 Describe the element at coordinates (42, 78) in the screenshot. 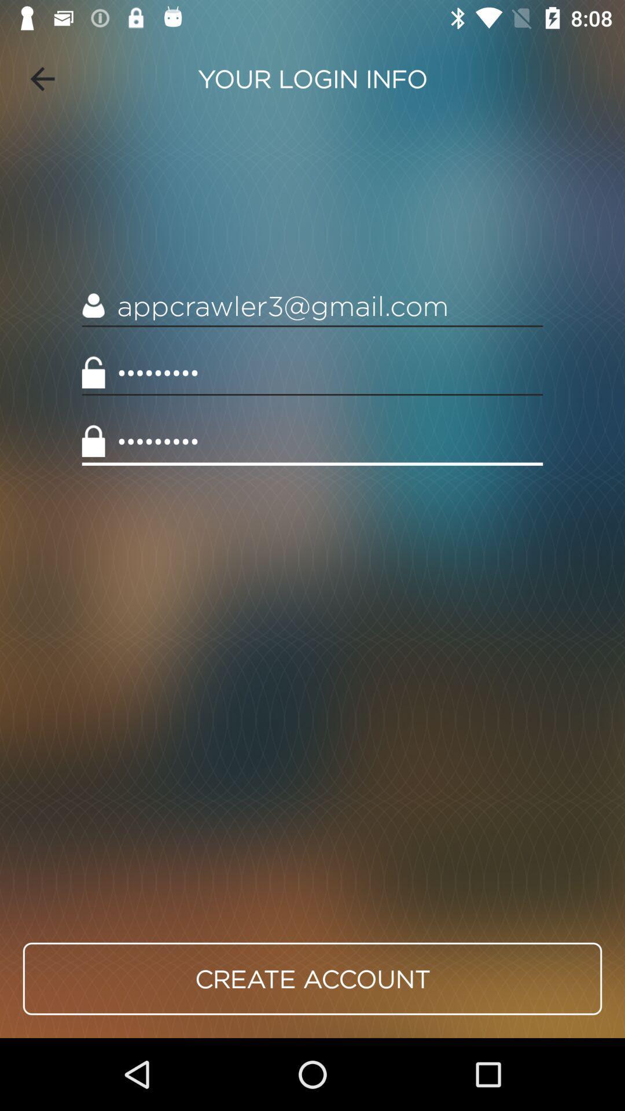

I see `item above appcrawler3@gmail.com` at that location.